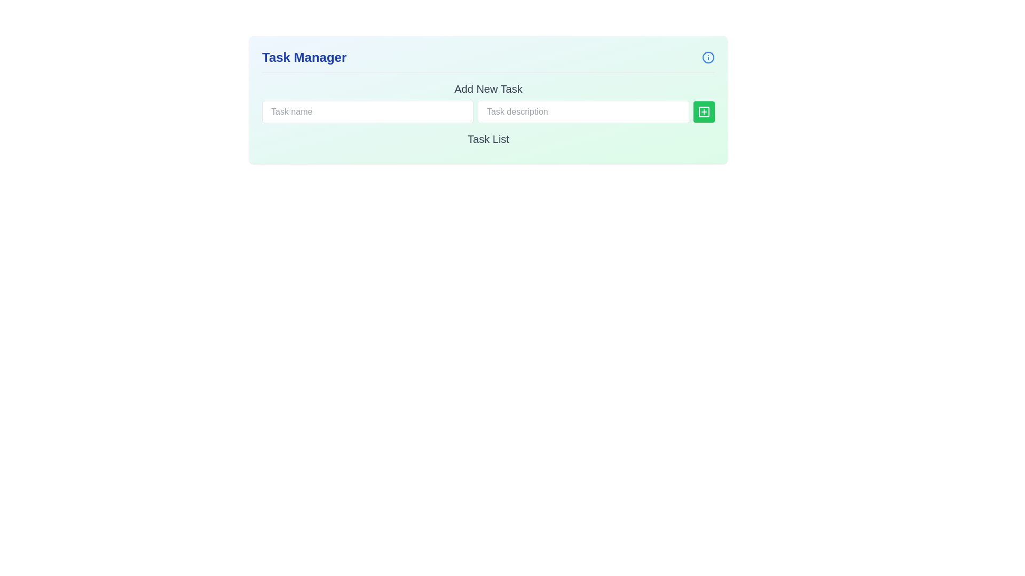 The image size is (1025, 576). Describe the element at coordinates (304, 58) in the screenshot. I see `the header text in the task management application that provides context about the interface` at that location.